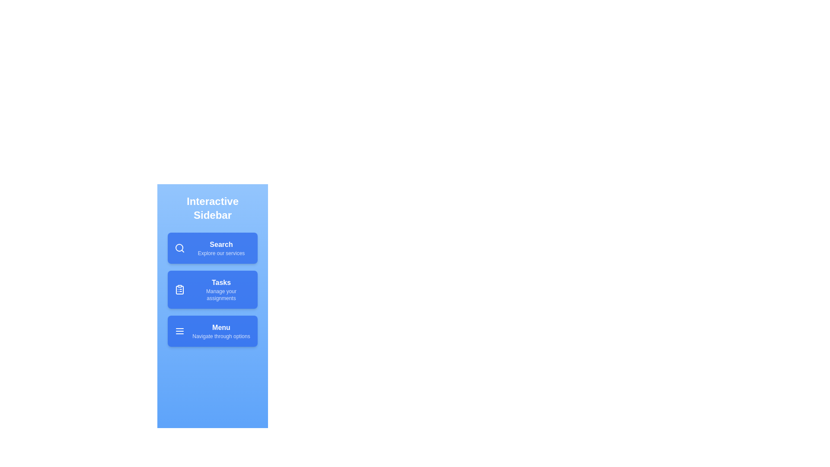 The height and width of the screenshot is (467, 830). I want to click on the sidebar menu item Search, so click(212, 248).